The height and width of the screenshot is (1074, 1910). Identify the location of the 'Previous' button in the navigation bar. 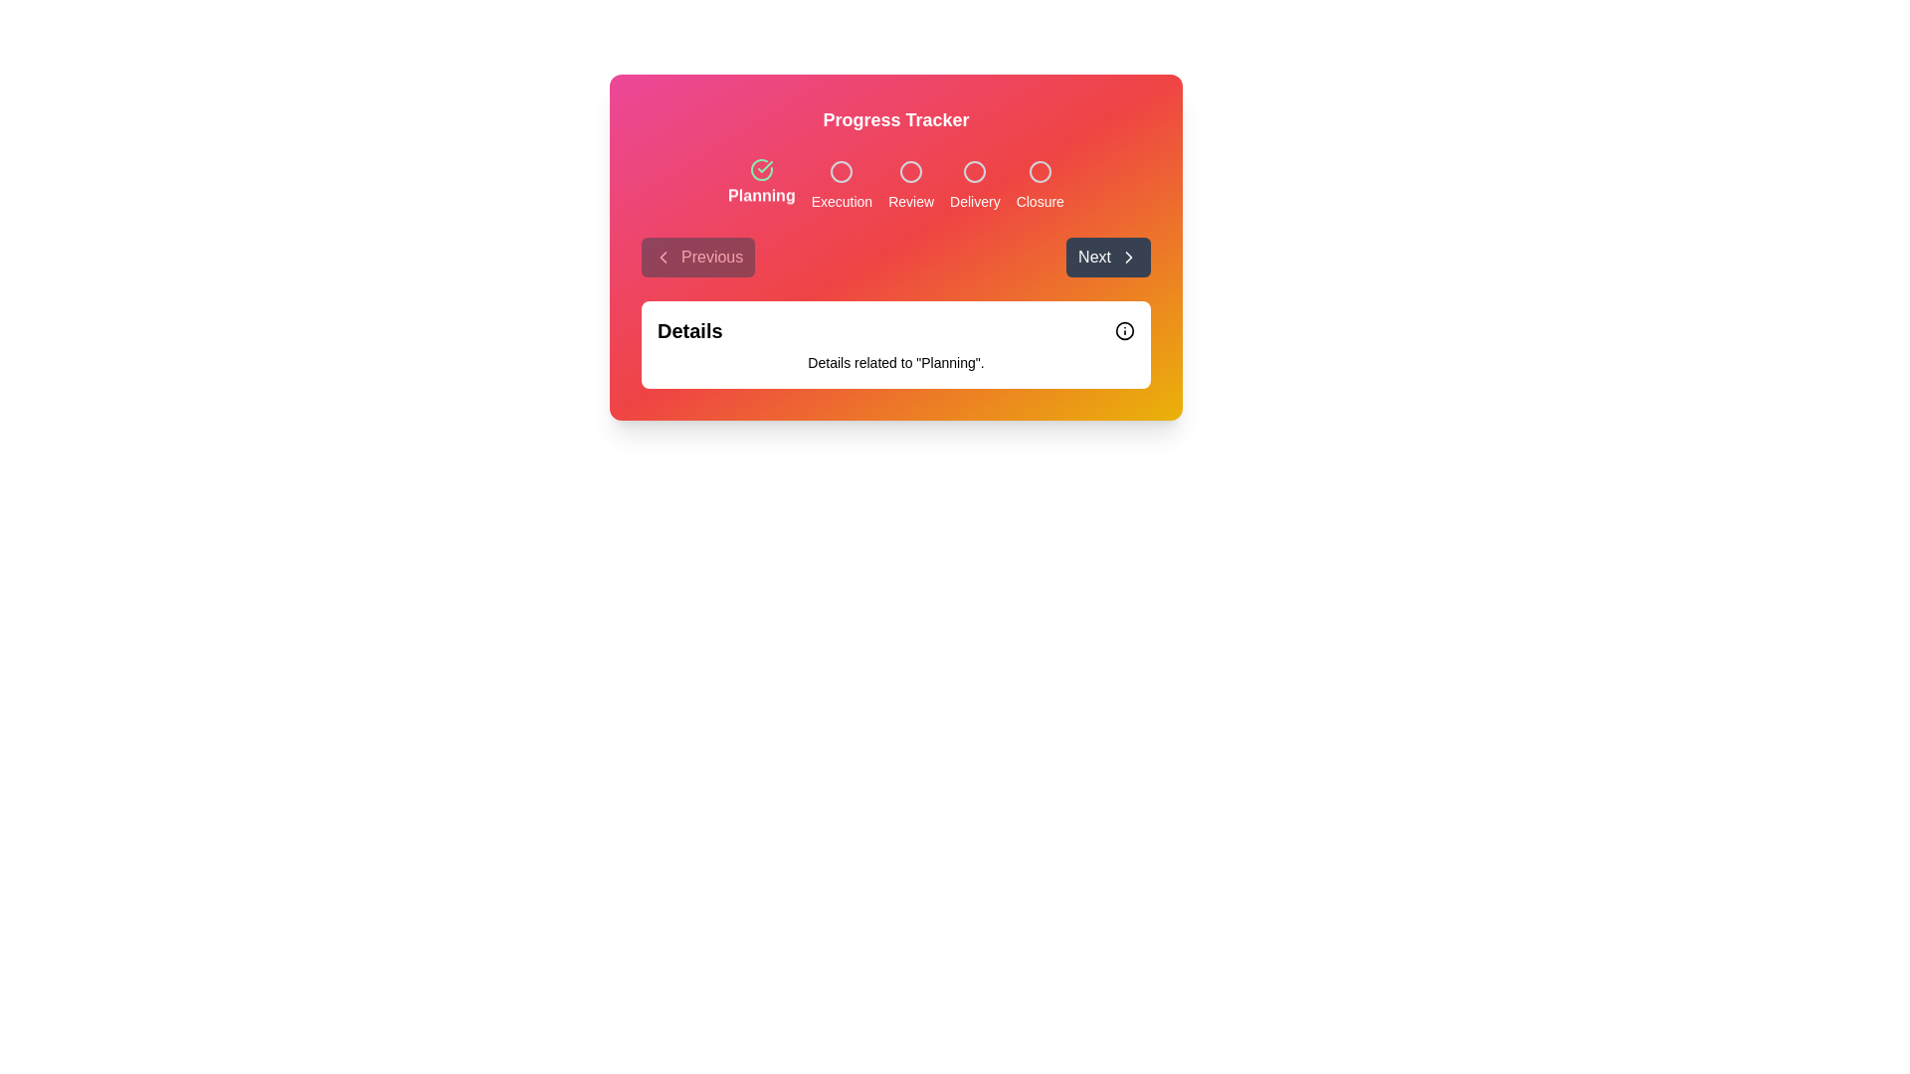
(698, 256).